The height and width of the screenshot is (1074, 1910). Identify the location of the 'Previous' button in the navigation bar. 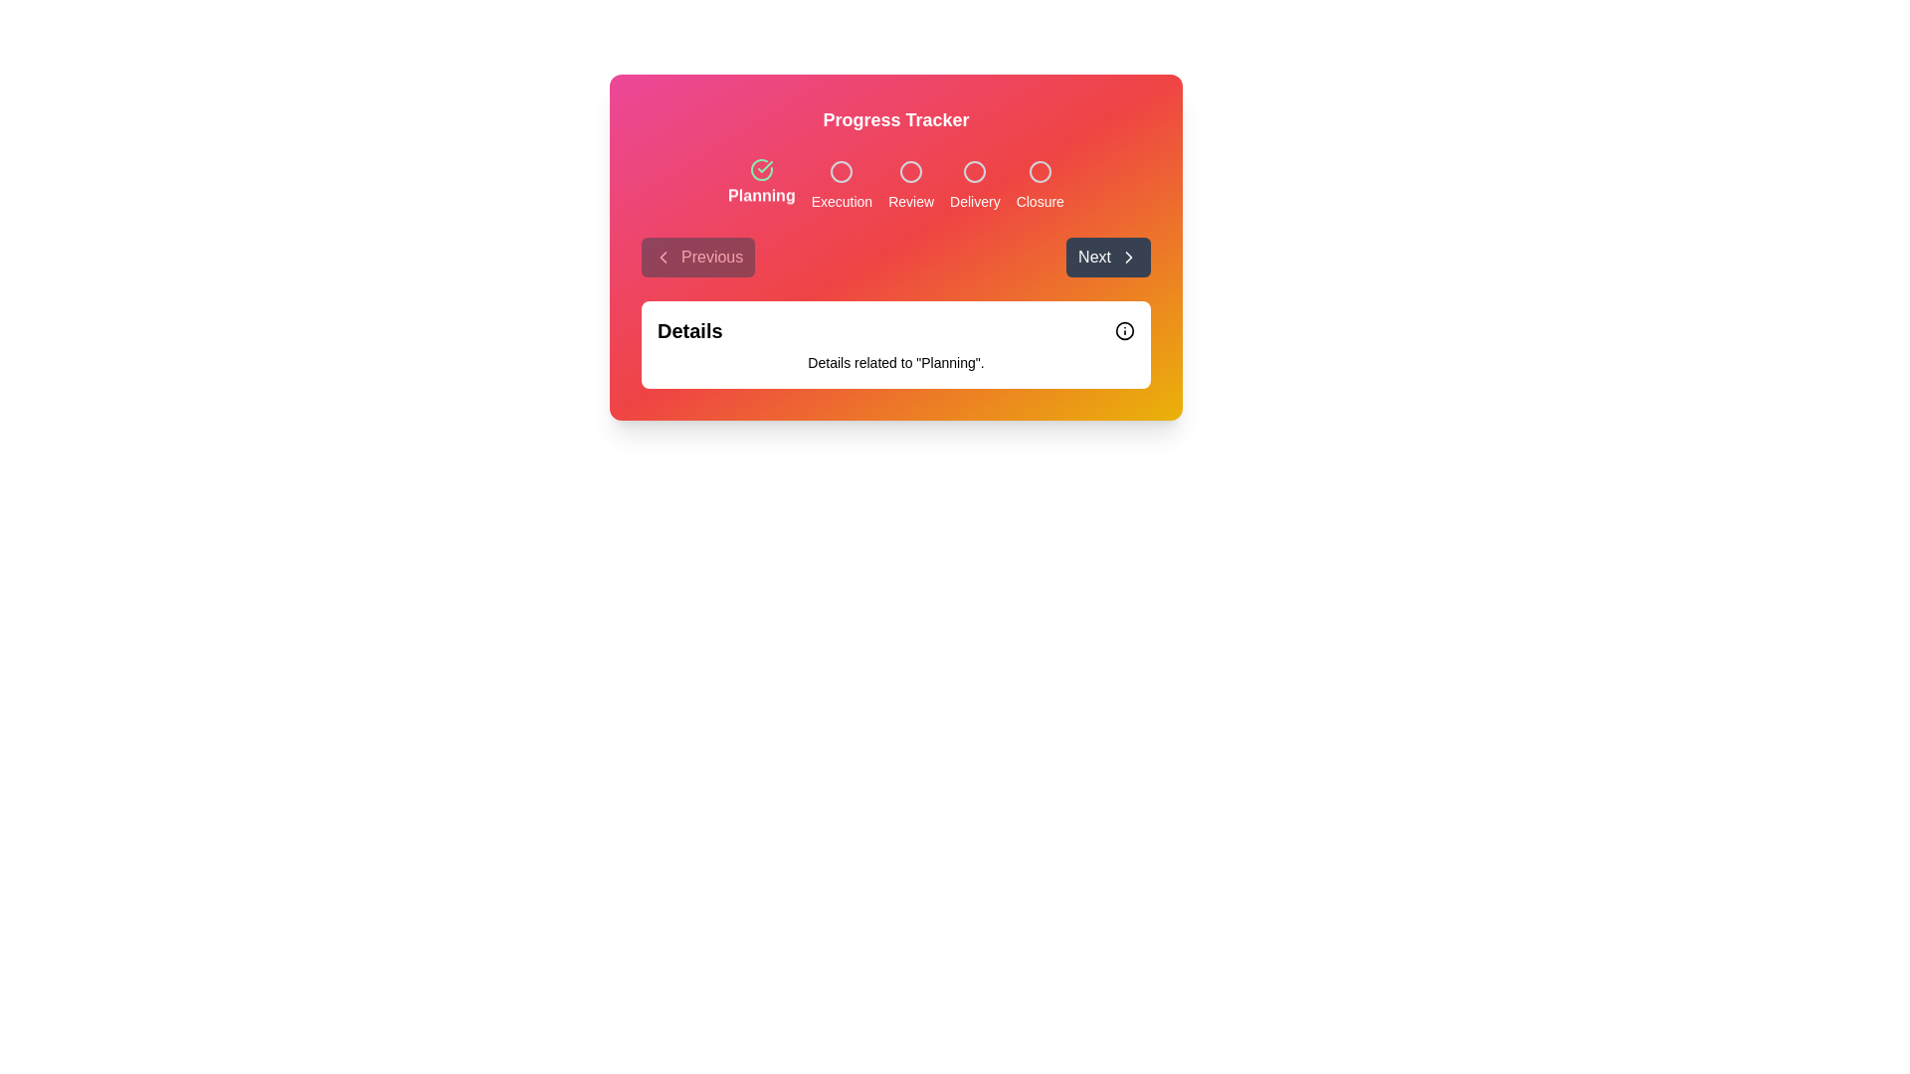
(698, 256).